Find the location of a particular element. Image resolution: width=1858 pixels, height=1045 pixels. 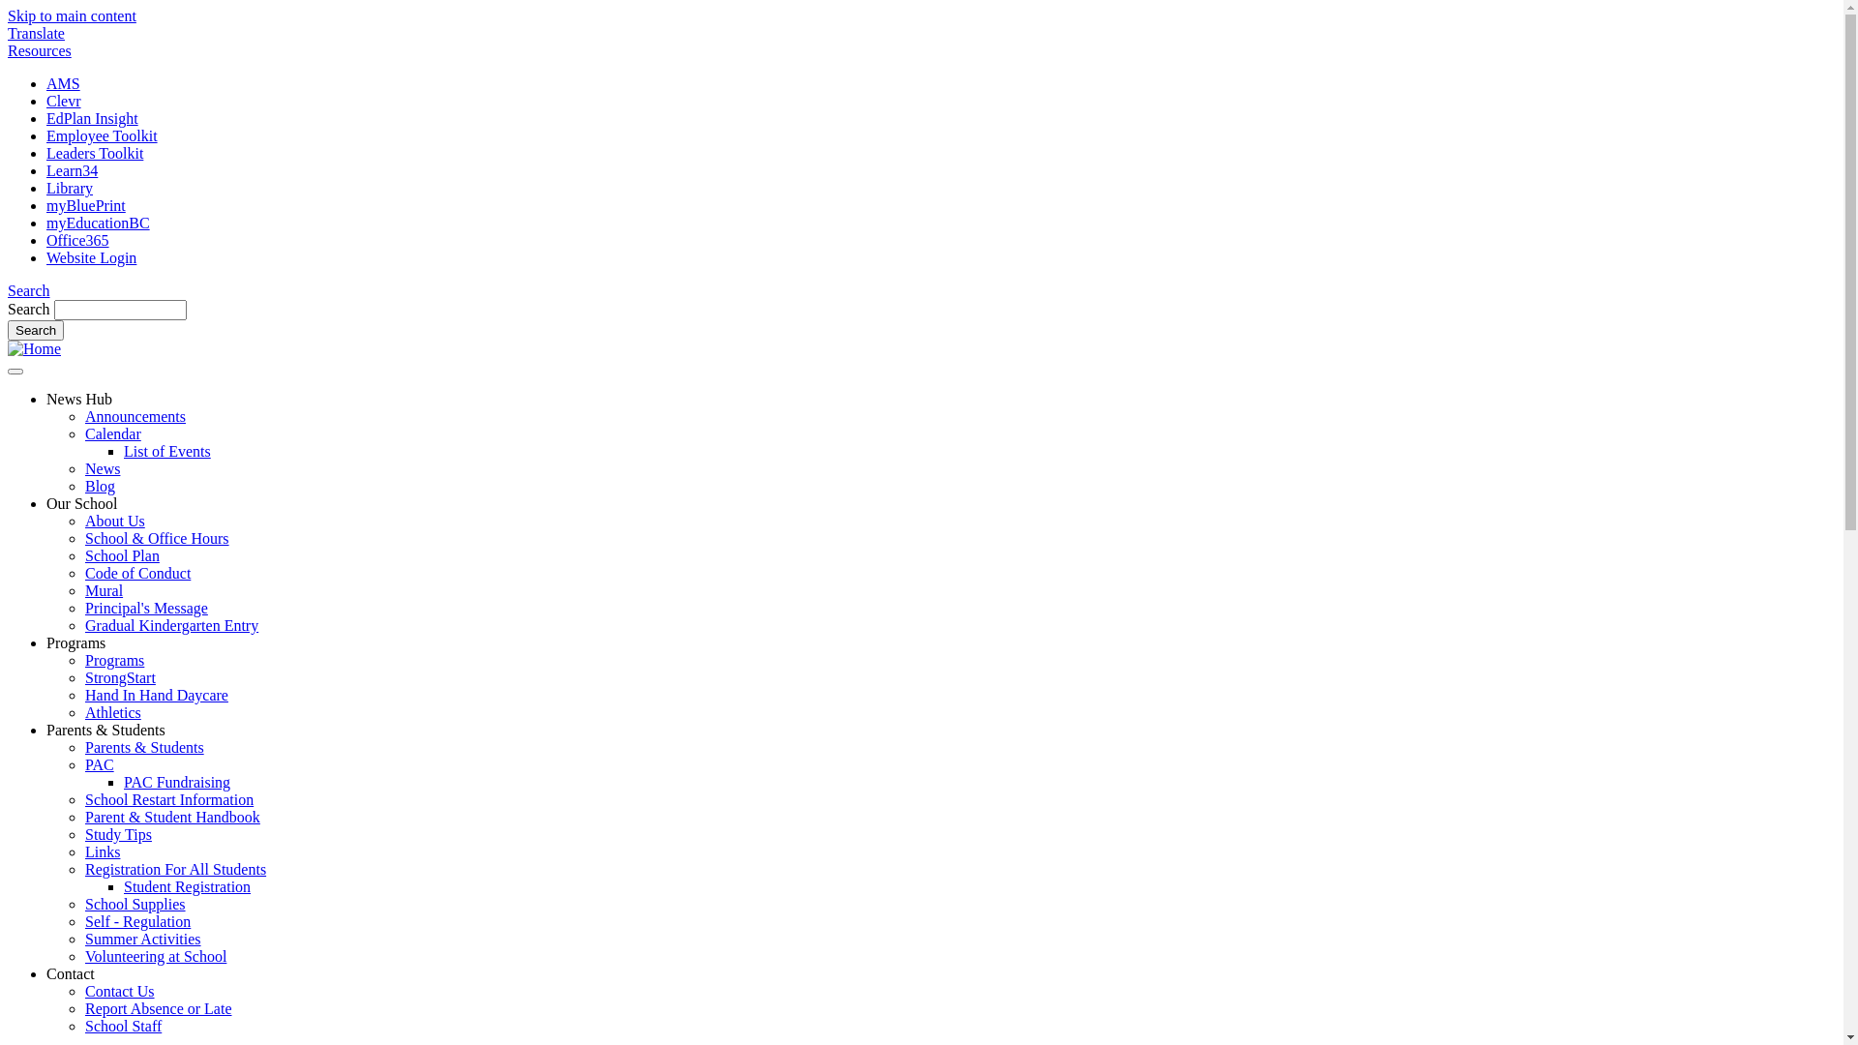

'Calendar' is located at coordinates (111, 433).